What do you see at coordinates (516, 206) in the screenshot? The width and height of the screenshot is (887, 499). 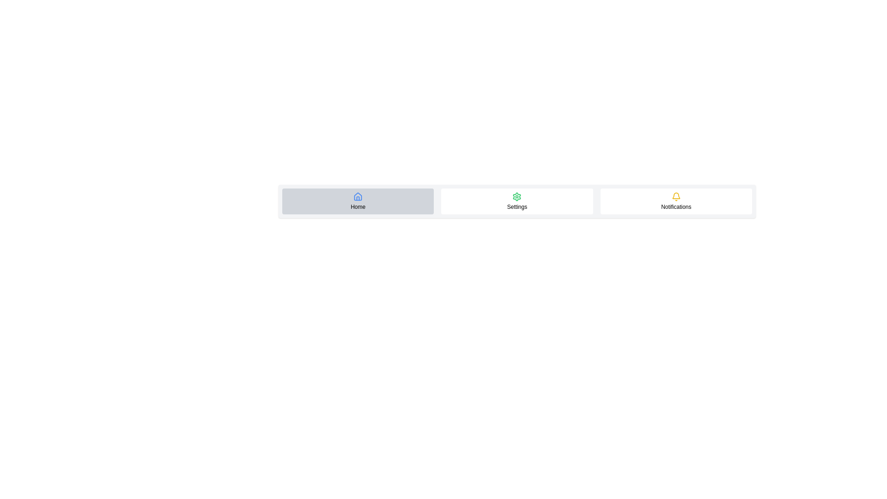 I see `the text label that describes the associated settings section, located below the settings gear icon and between the 'Home' and 'Notifications' options` at bounding box center [516, 206].